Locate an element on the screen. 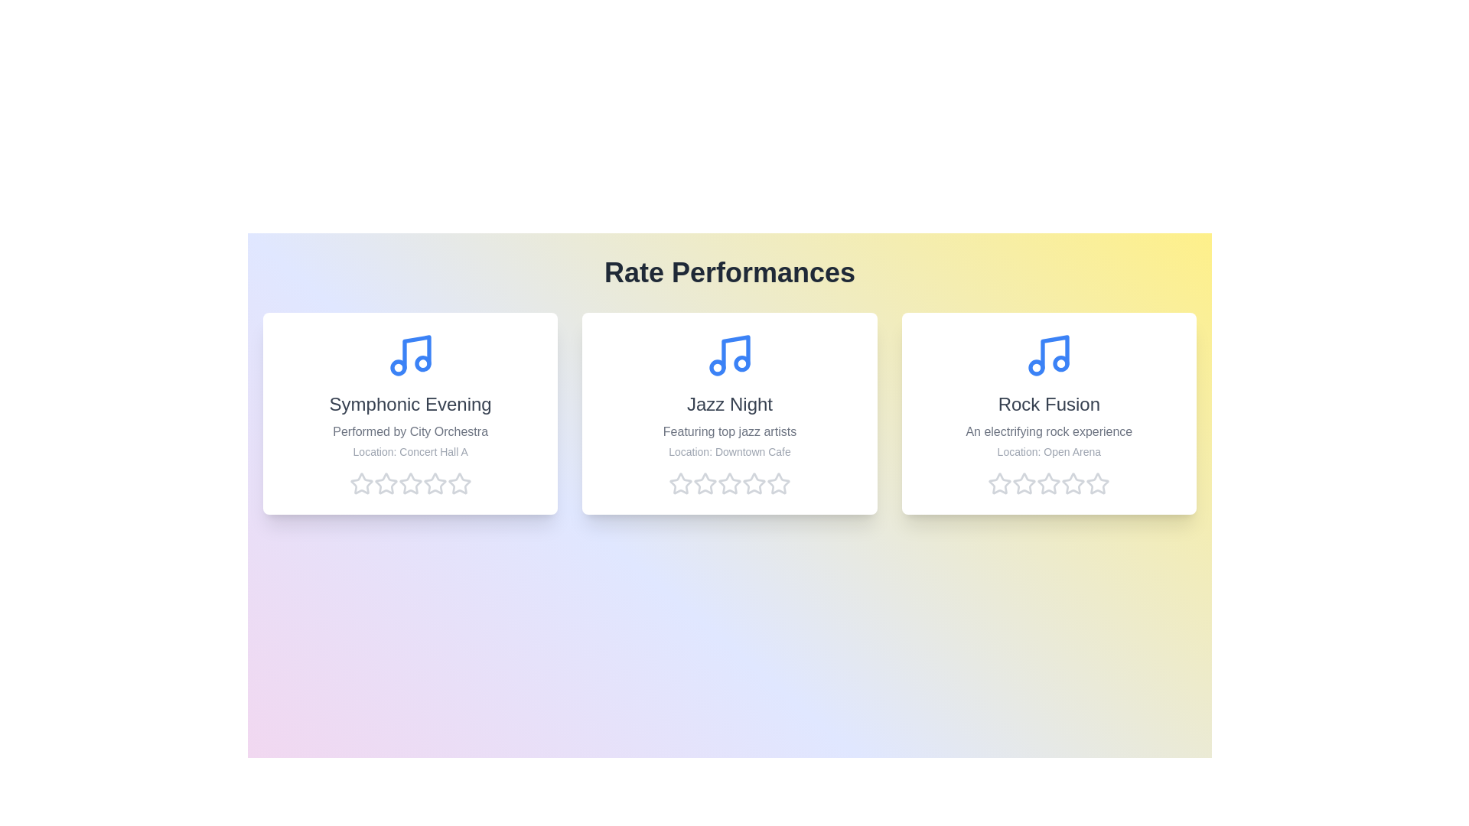  the performance card for Jazz Night to read its details is located at coordinates (729, 413).